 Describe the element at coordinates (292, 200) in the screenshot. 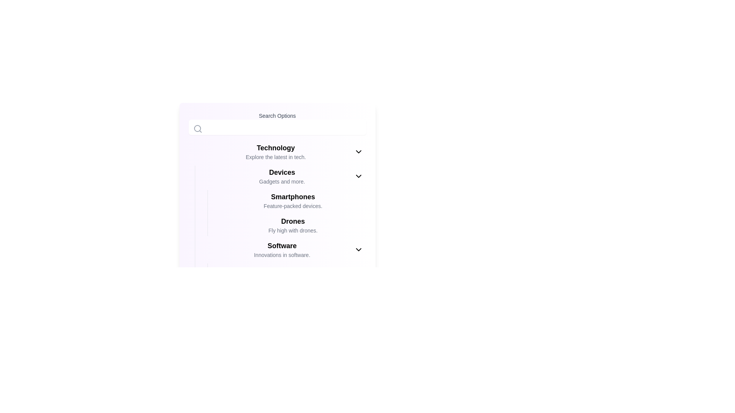

I see `the 'Smartphones' option in the dropdown menu under the 'Devices' category` at that location.